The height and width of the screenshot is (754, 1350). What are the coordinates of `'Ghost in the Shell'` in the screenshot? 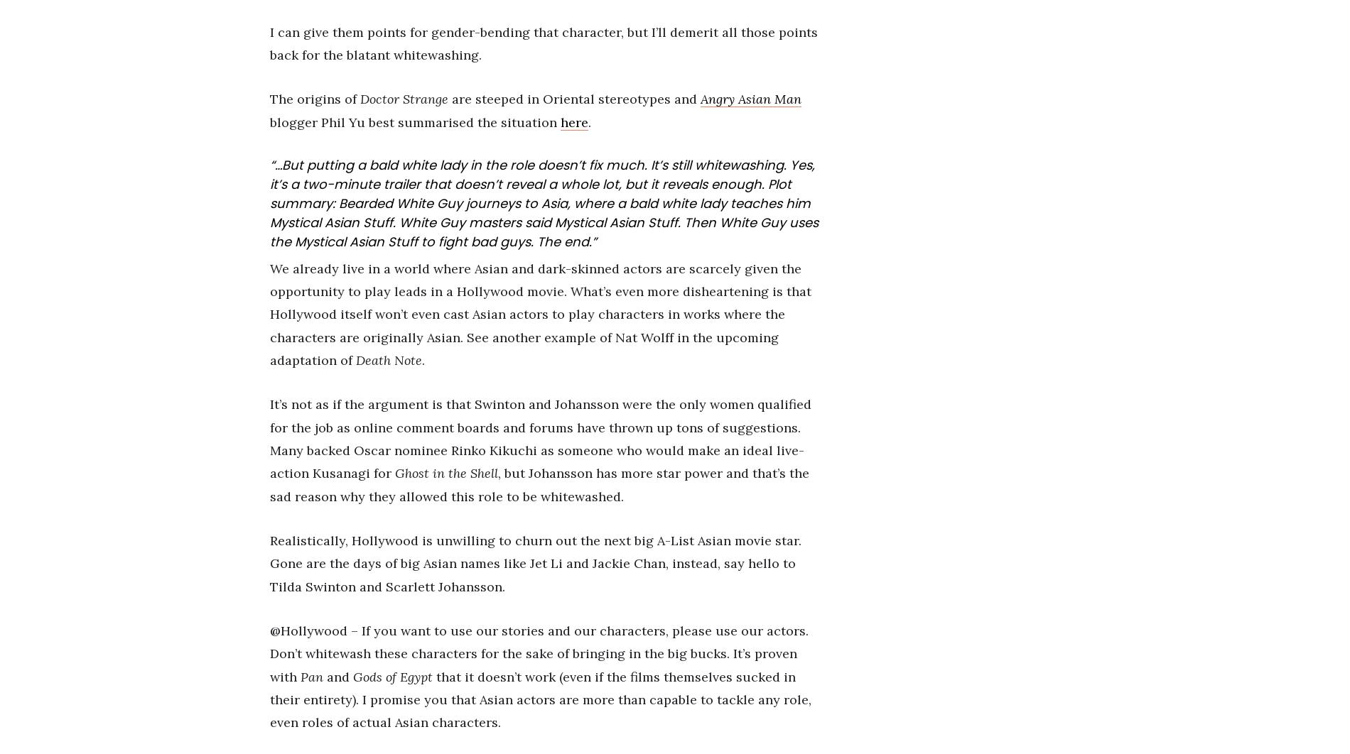 It's located at (446, 473).